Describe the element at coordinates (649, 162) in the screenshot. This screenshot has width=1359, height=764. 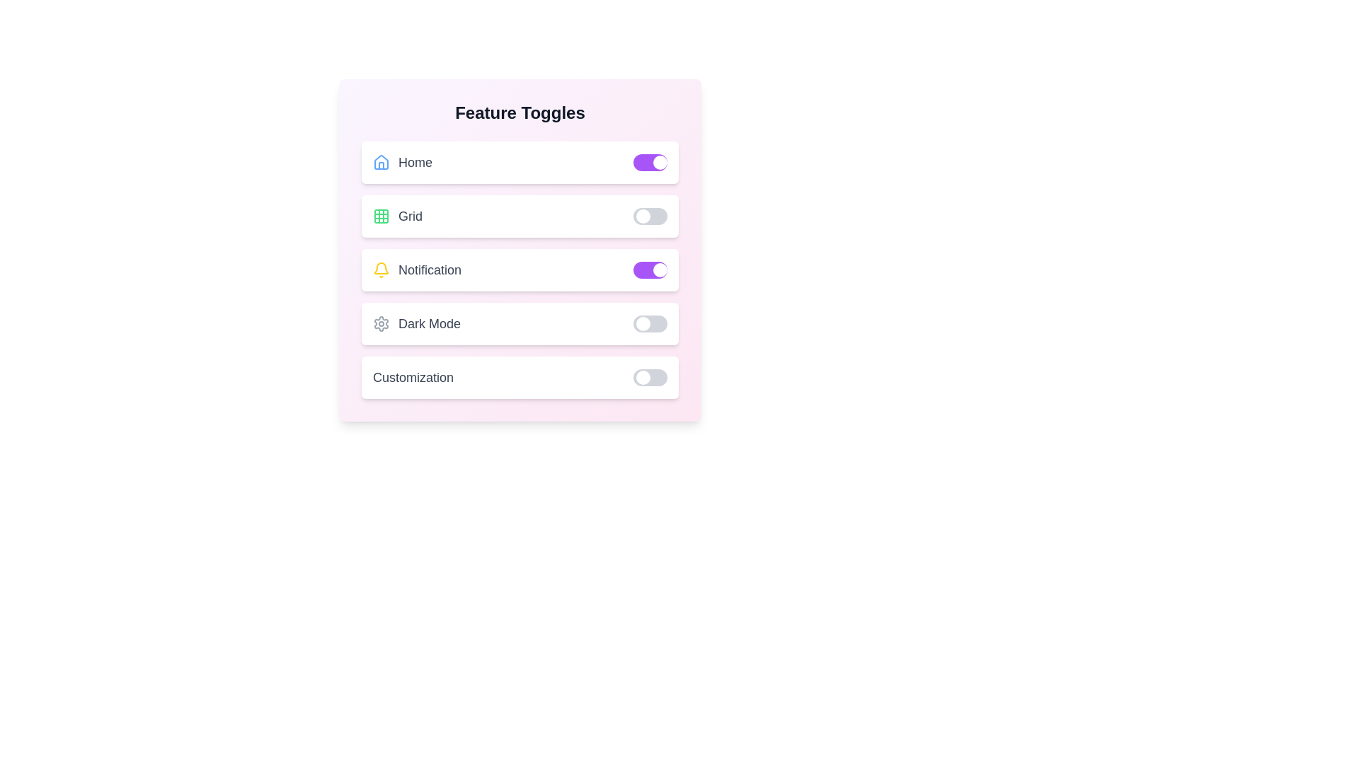
I see `the toggle switch with a purple background and white circular control, located near the 'Home' label, to provide visual feedback` at that location.